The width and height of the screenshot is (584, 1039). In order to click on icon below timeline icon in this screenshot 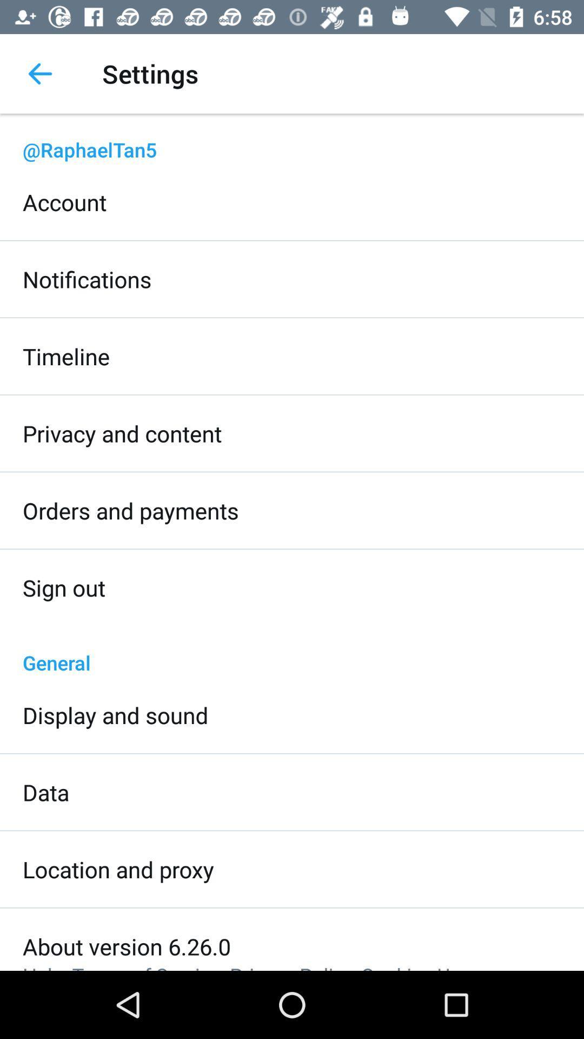, I will do `click(122, 433)`.